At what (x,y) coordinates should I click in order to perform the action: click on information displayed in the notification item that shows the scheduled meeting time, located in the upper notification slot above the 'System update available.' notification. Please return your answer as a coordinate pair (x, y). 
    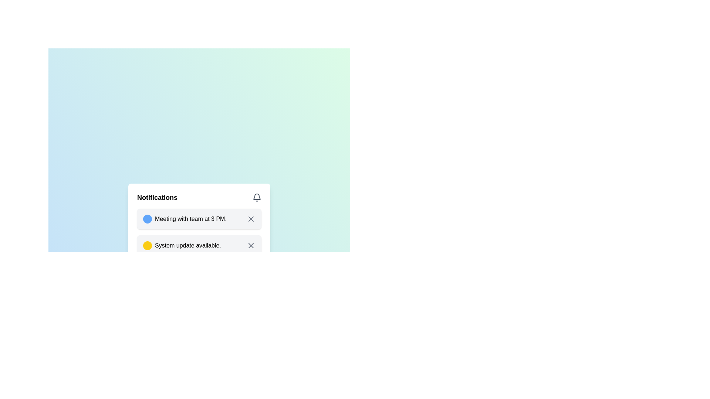
    Looking at the image, I should click on (185, 219).